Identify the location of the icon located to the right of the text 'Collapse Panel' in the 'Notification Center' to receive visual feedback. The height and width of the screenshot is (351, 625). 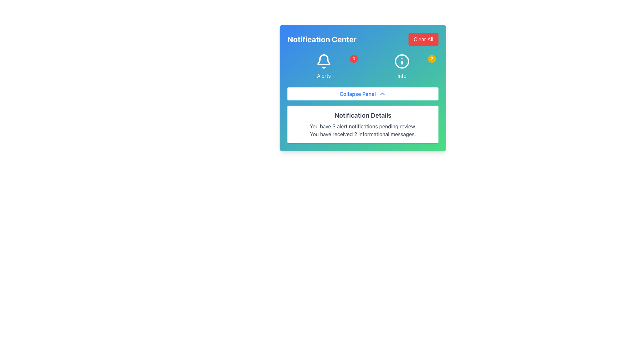
(382, 94).